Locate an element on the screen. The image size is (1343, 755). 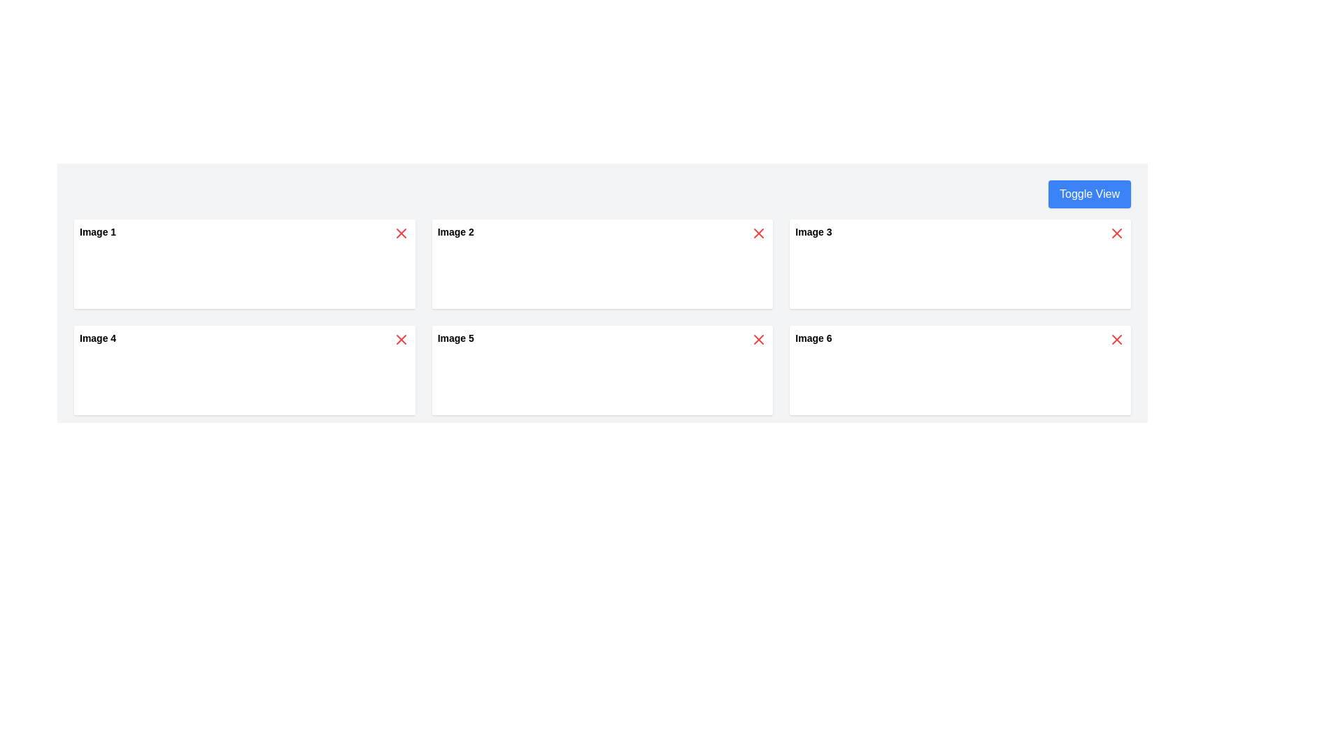
the close icon button located at the top-right corner of the card labeled 'Image 3' is located at coordinates (1116, 233).